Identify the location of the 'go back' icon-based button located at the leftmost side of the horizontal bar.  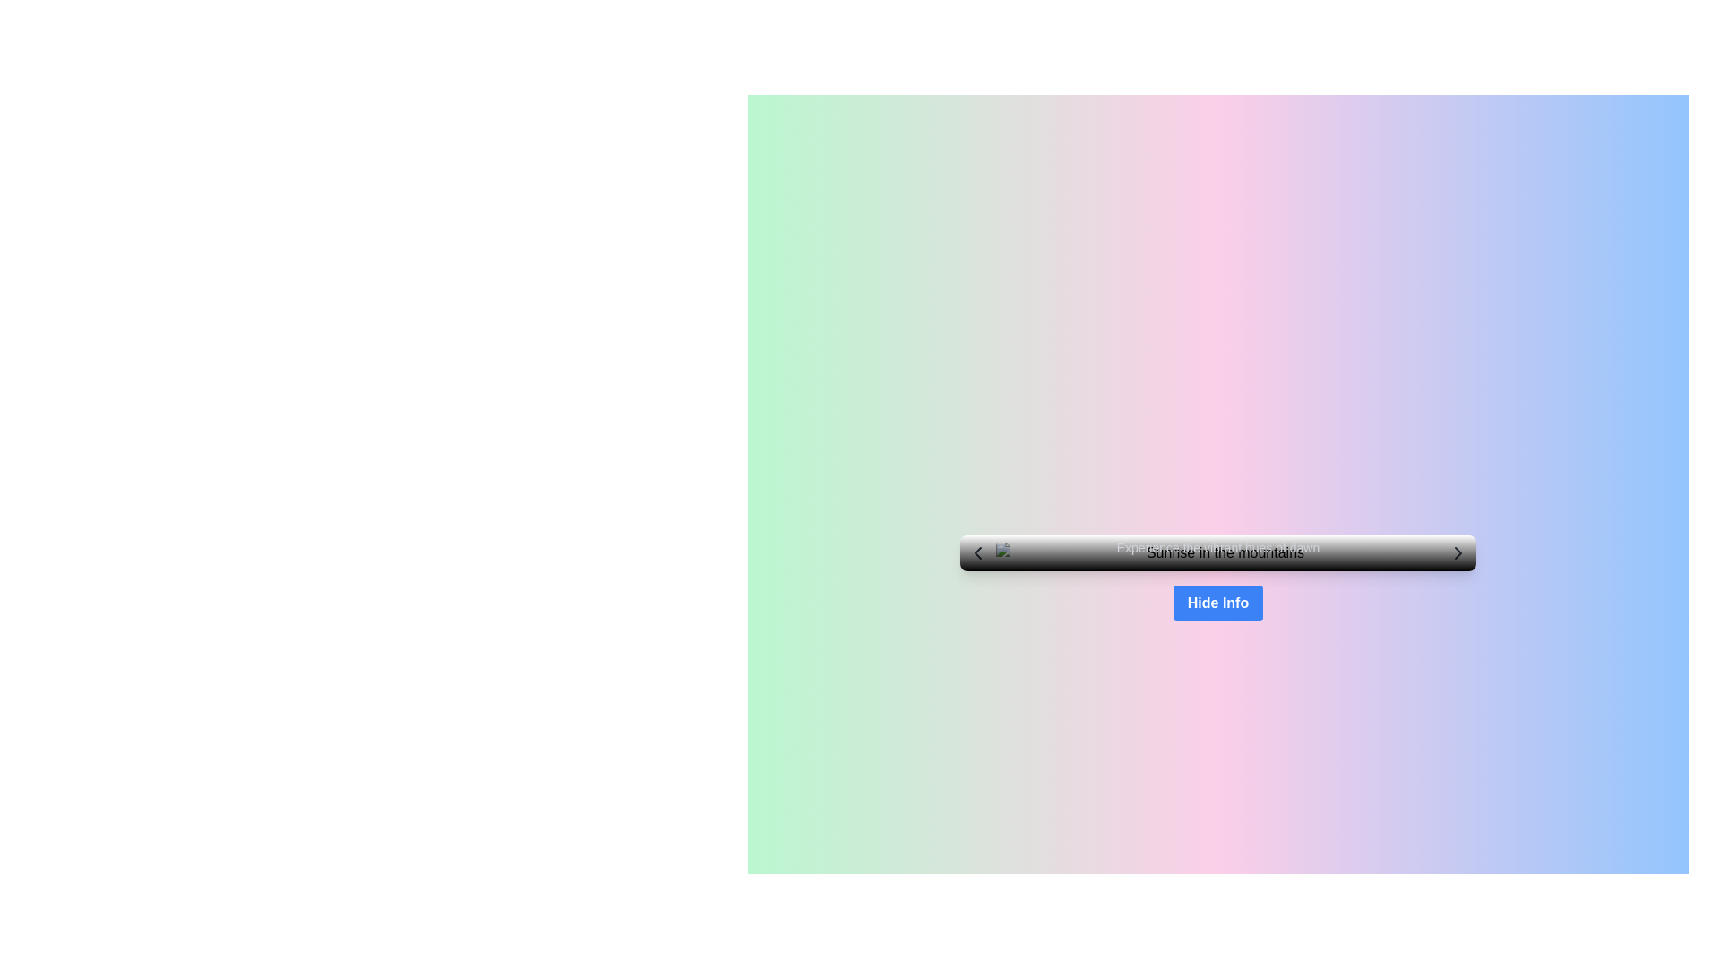
(976, 552).